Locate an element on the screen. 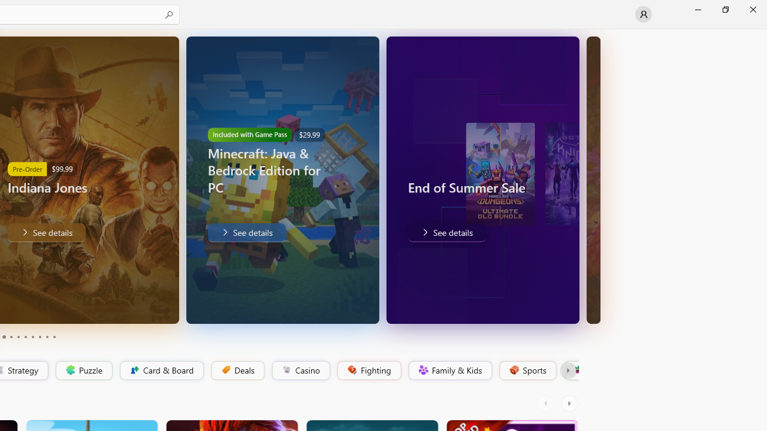  'Platformer' is located at coordinates (570, 370).